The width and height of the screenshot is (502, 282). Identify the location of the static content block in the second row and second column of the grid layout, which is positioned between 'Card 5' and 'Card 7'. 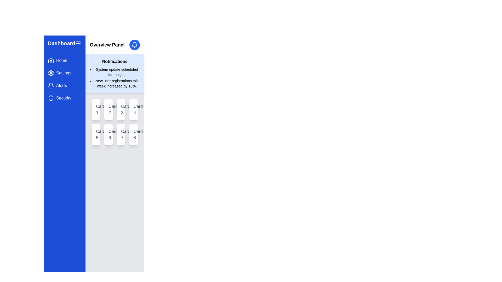
(108, 134).